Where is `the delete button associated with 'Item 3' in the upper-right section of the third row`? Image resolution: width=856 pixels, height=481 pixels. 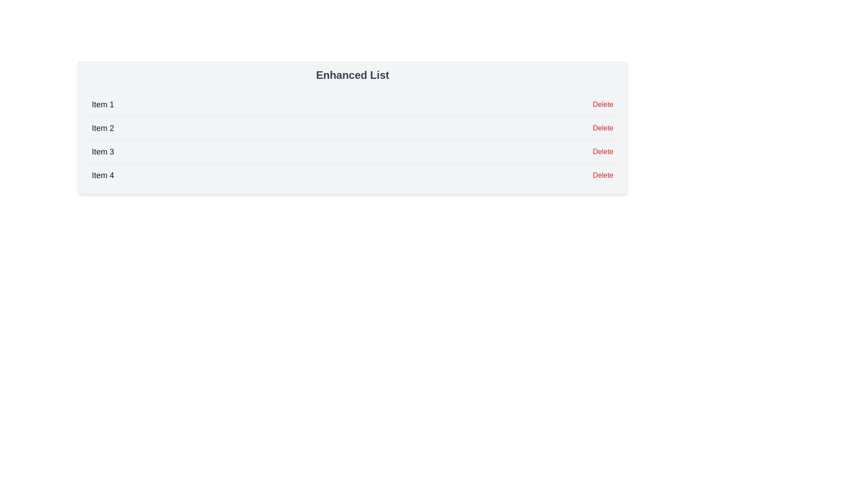 the delete button associated with 'Item 3' in the upper-right section of the third row is located at coordinates (603, 151).